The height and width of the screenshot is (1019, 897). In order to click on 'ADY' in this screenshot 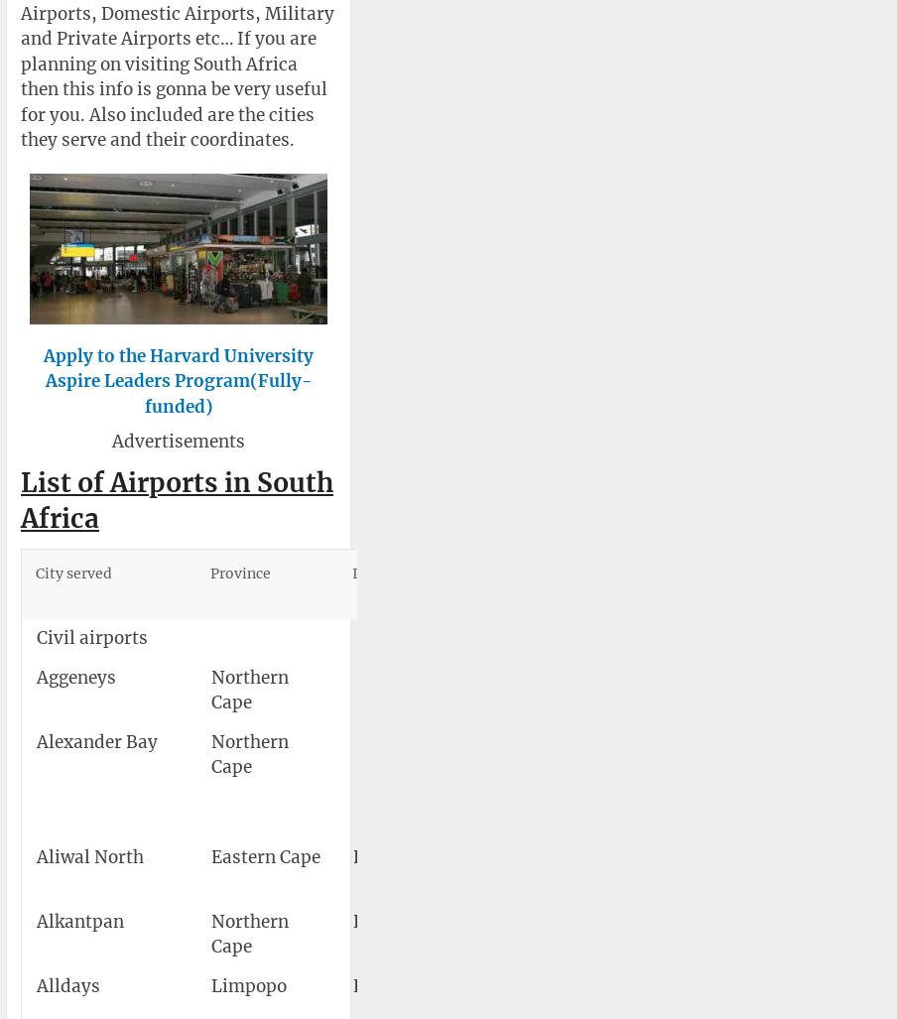, I will do `click(456, 984)`.